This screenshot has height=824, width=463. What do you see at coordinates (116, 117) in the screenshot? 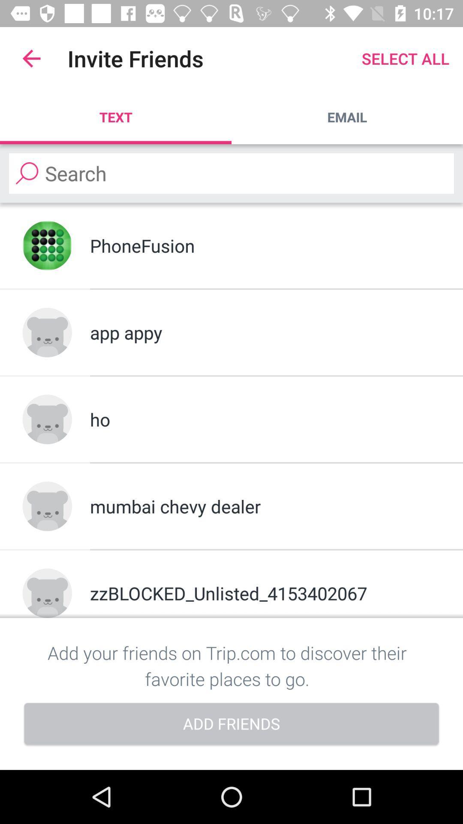
I see `the text item` at bounding box center [116, 117].